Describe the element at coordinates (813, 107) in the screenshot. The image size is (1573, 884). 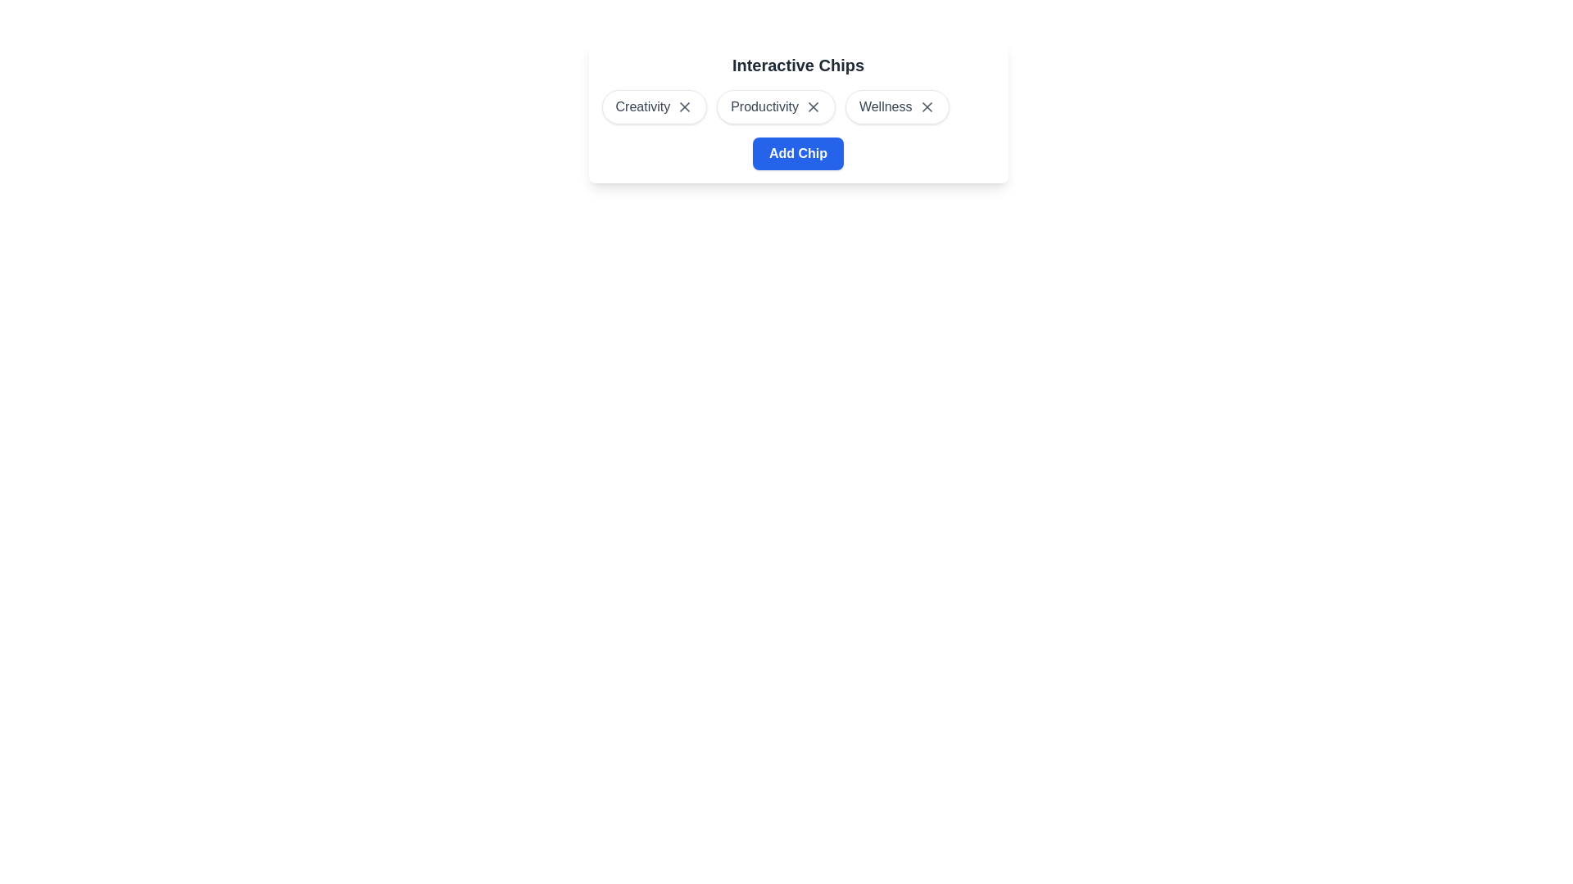
I see `the interactive 'X' icon button located within the 'Productivity' chip` at that location.